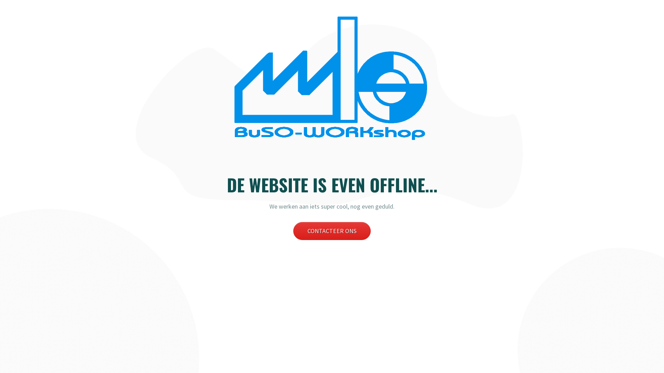 The width and height of the screenshot is (664, 373). Describe the element at coordinates (332, 231) in the screenshot. I see `'CONTACTEER ONS'` at that location.